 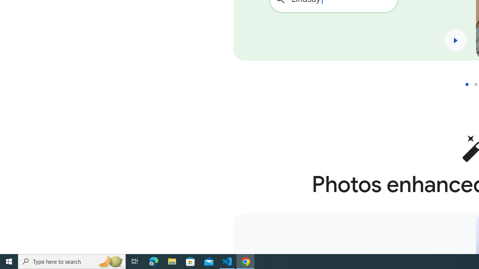 What do you see at coordinates (469, 84) in the screenshot?
I see `'Go to slide 1'` at bounding box center [469, 84].